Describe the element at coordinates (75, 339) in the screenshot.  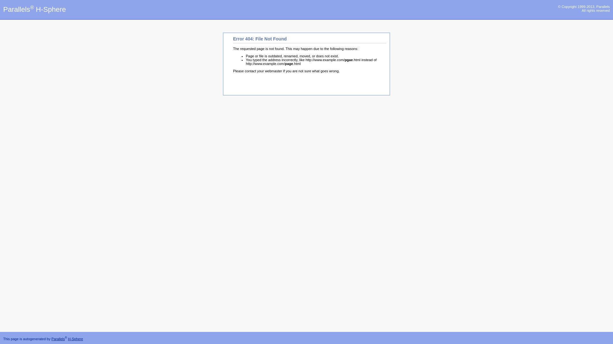
I see `'H-Sphere'` at that location.